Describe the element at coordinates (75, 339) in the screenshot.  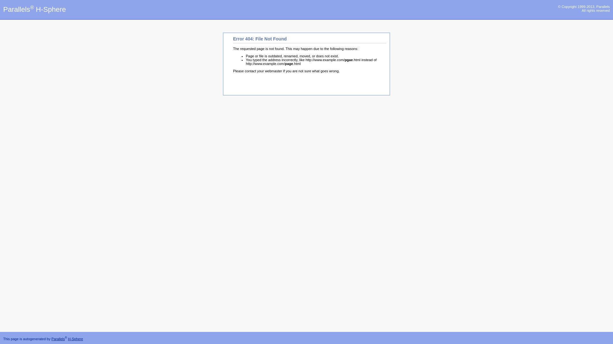
I see `'H-Sphere'` at that location.